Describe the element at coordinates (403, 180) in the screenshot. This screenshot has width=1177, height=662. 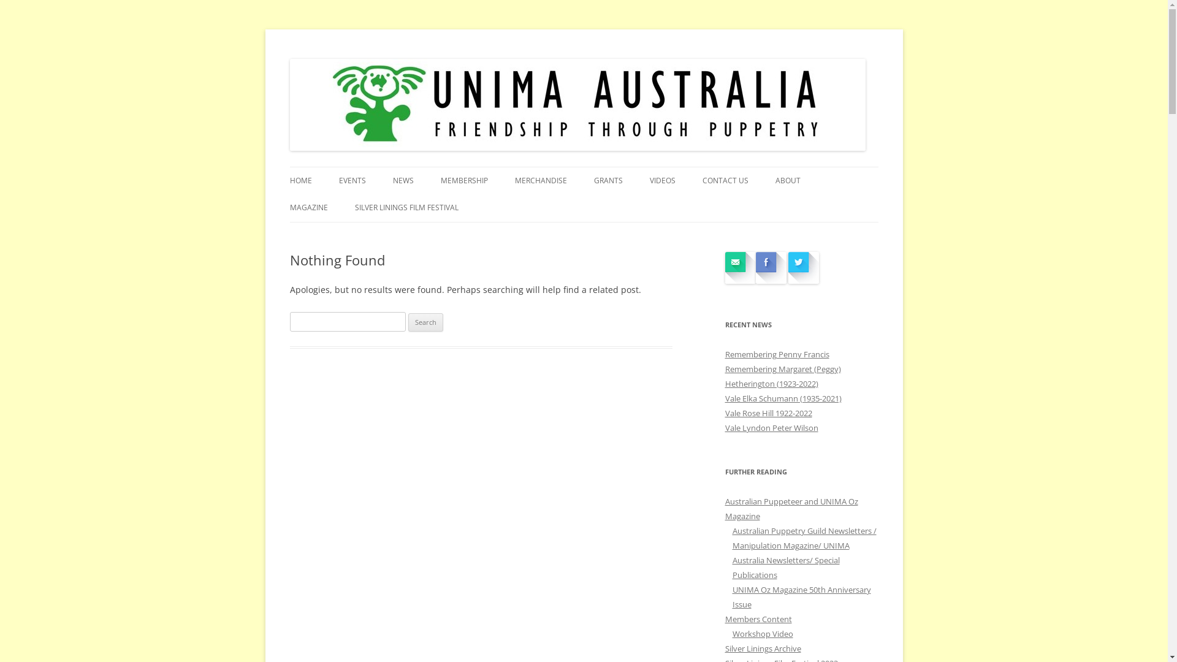
I see `'NEWS'` at that location.